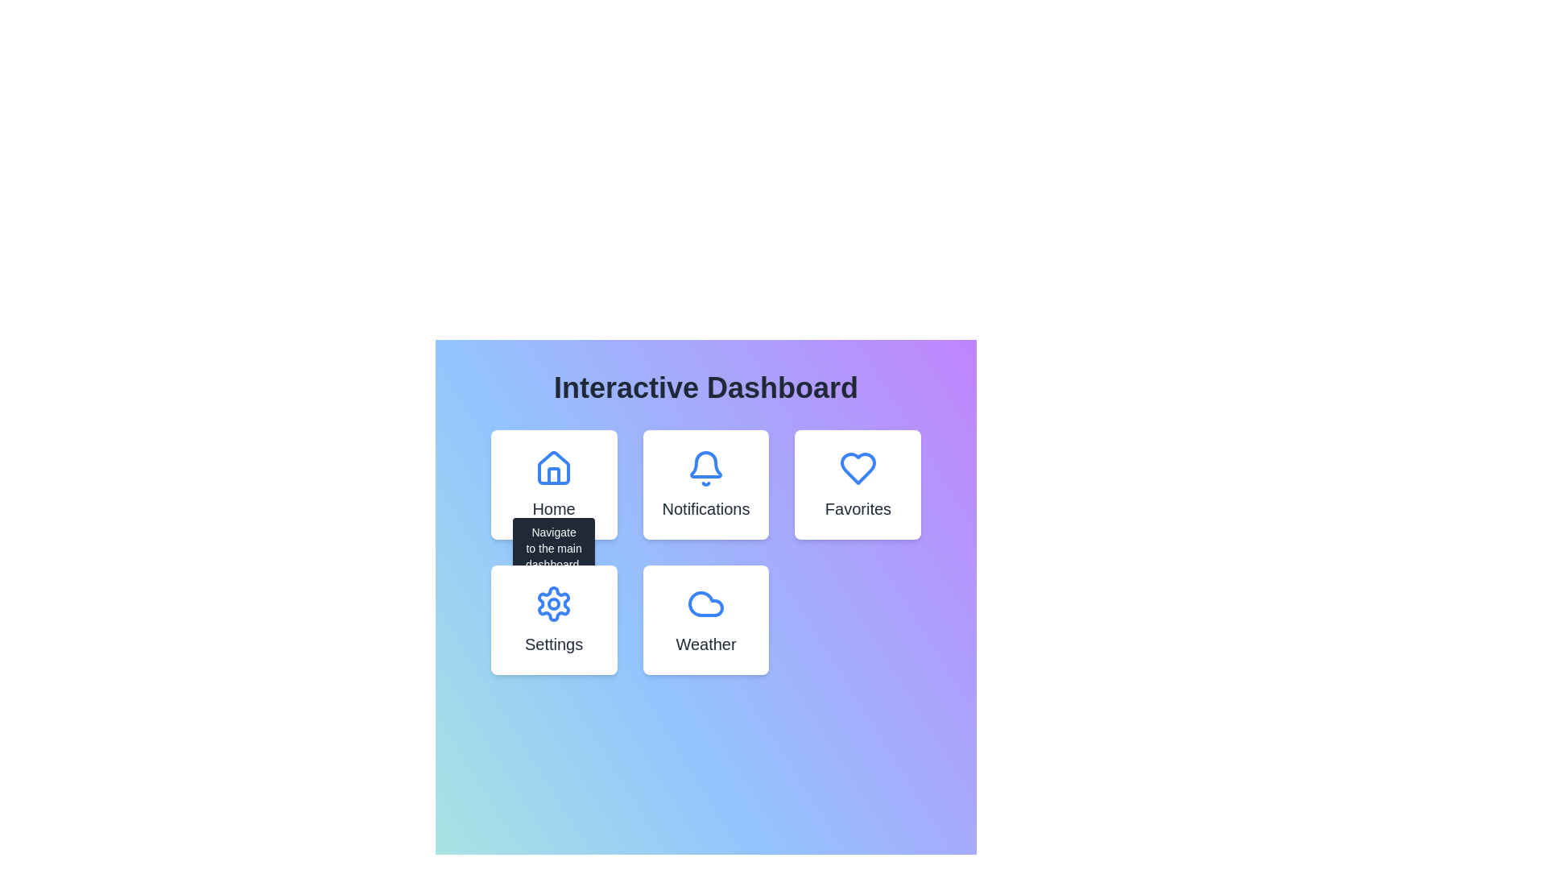 This screenshot has height=870, width=1546. I want to click on the weather icon located at the bottom-right corner of the dashboard interface, so click(706, 603).